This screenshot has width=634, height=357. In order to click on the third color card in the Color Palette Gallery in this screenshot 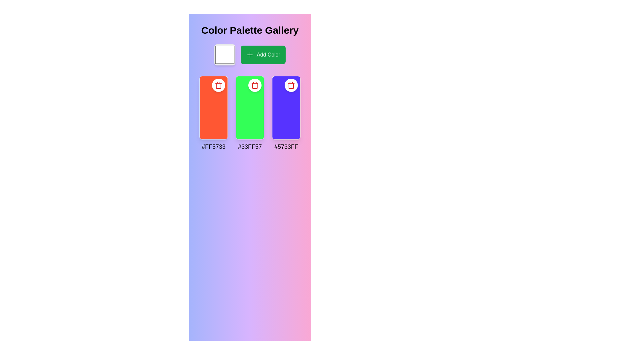, I will do `click(286, 107)`.